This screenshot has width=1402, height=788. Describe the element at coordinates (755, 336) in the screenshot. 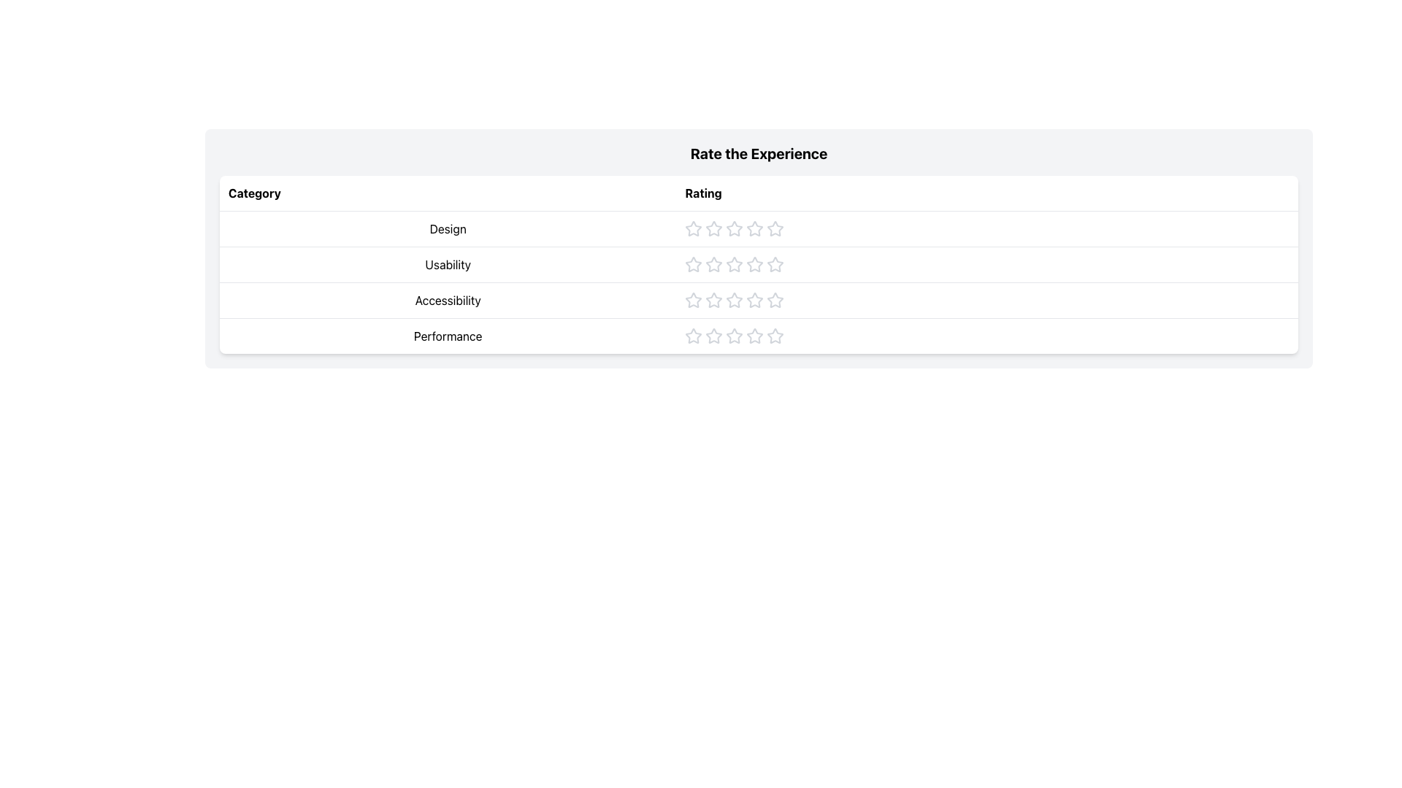

I see `the fourth star in the 'Performance' row of the 'Rate the Experience' table` at that location.